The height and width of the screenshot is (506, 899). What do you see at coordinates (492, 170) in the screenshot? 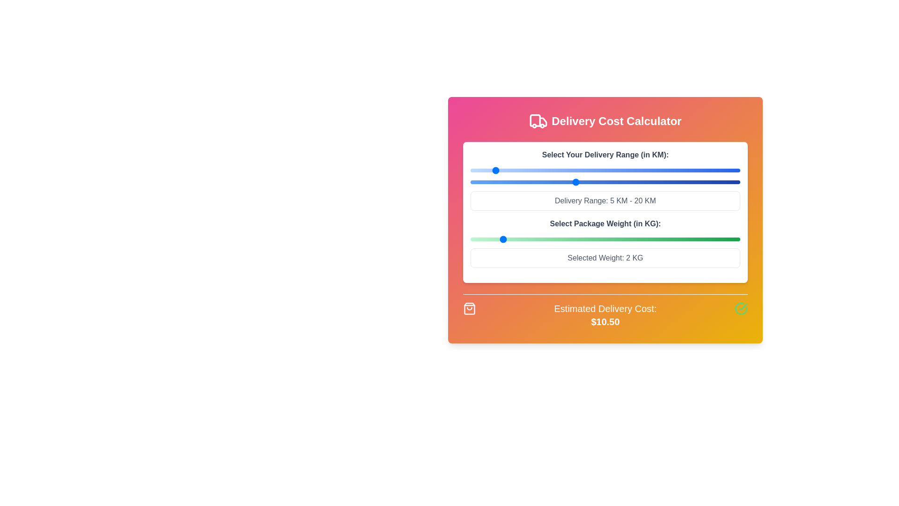
I see `the delivery range` at bounding box center [492, 170].